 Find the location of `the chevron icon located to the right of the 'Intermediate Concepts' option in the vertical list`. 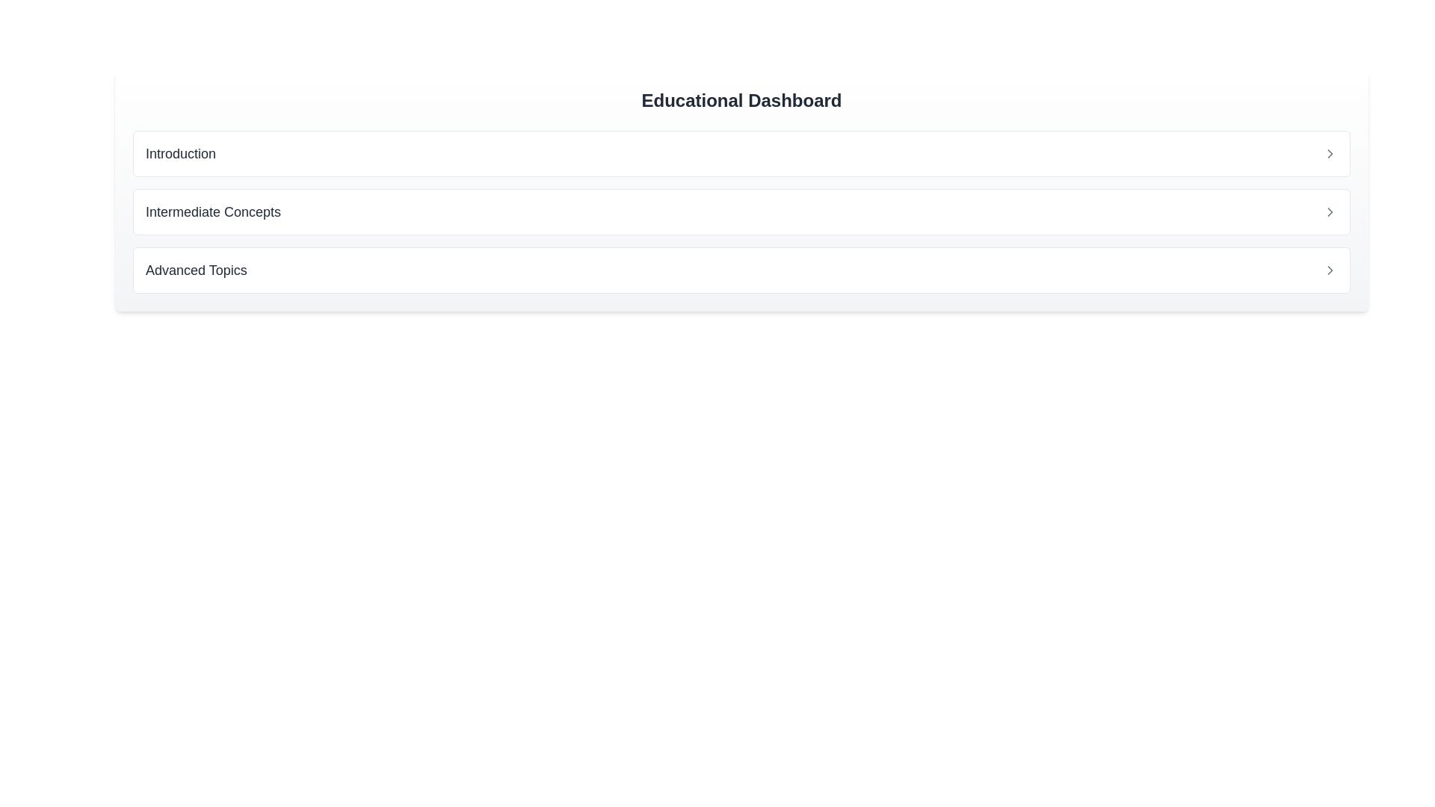

the chevron icon located to the right of the 'Intermediate Concepts' option in the vertical list is located at coordinates (1330, 212).